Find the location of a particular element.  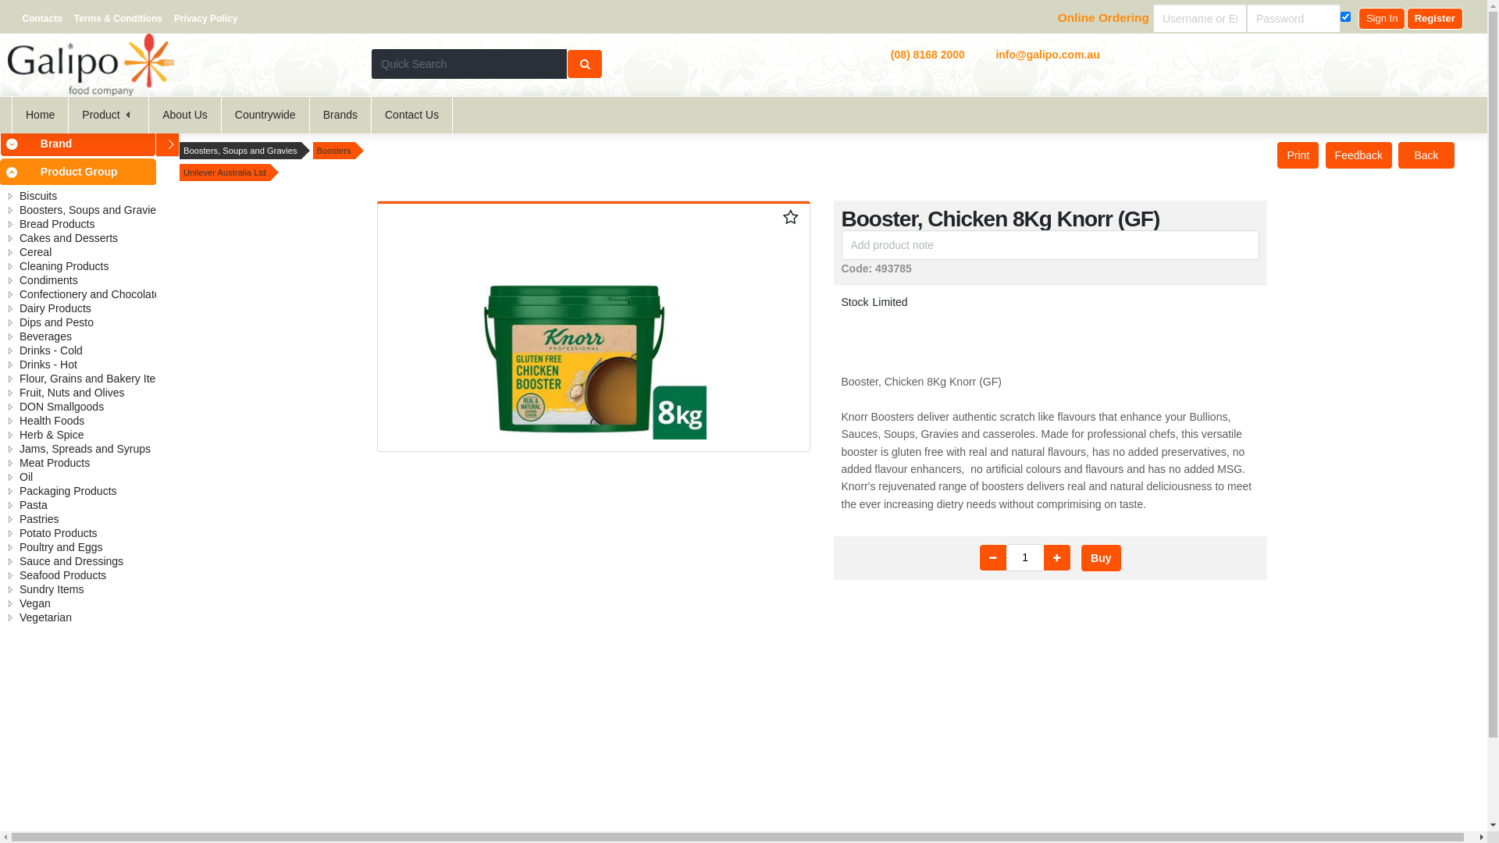

'Cleaning Products' is located at coordinates (62, 265).